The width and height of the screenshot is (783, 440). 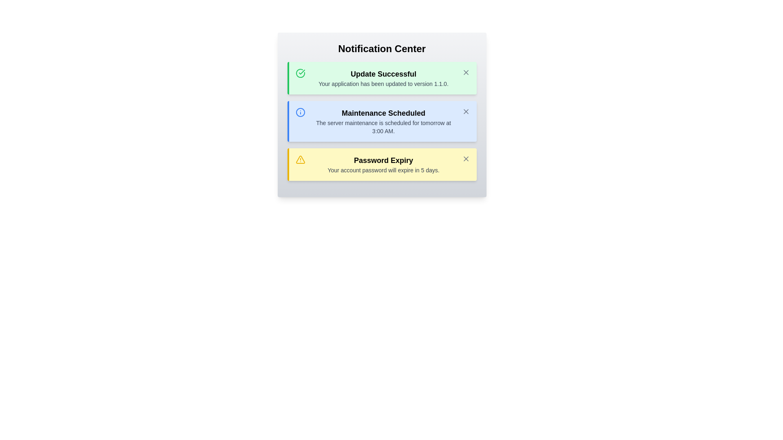 I want to click on text snippet that states 'The server maintenance is scheduled for tomorrow at 3:00 AM.' located below the bold text 'Maintenance Scheduled' inside the blue notification card in the Notification Center, so click(x=383, y=127).